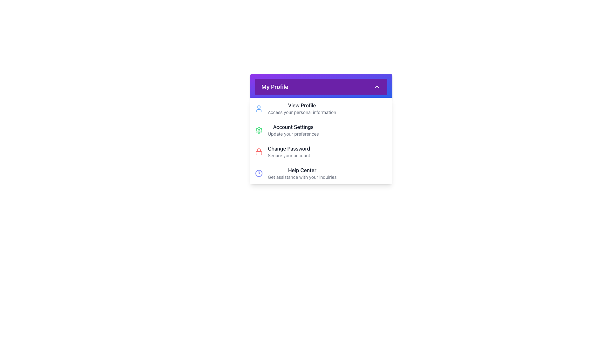  I want to click on the 'View Profile' text label located at the top of the 'My Profile' dropdown menu, so click(302, 105).